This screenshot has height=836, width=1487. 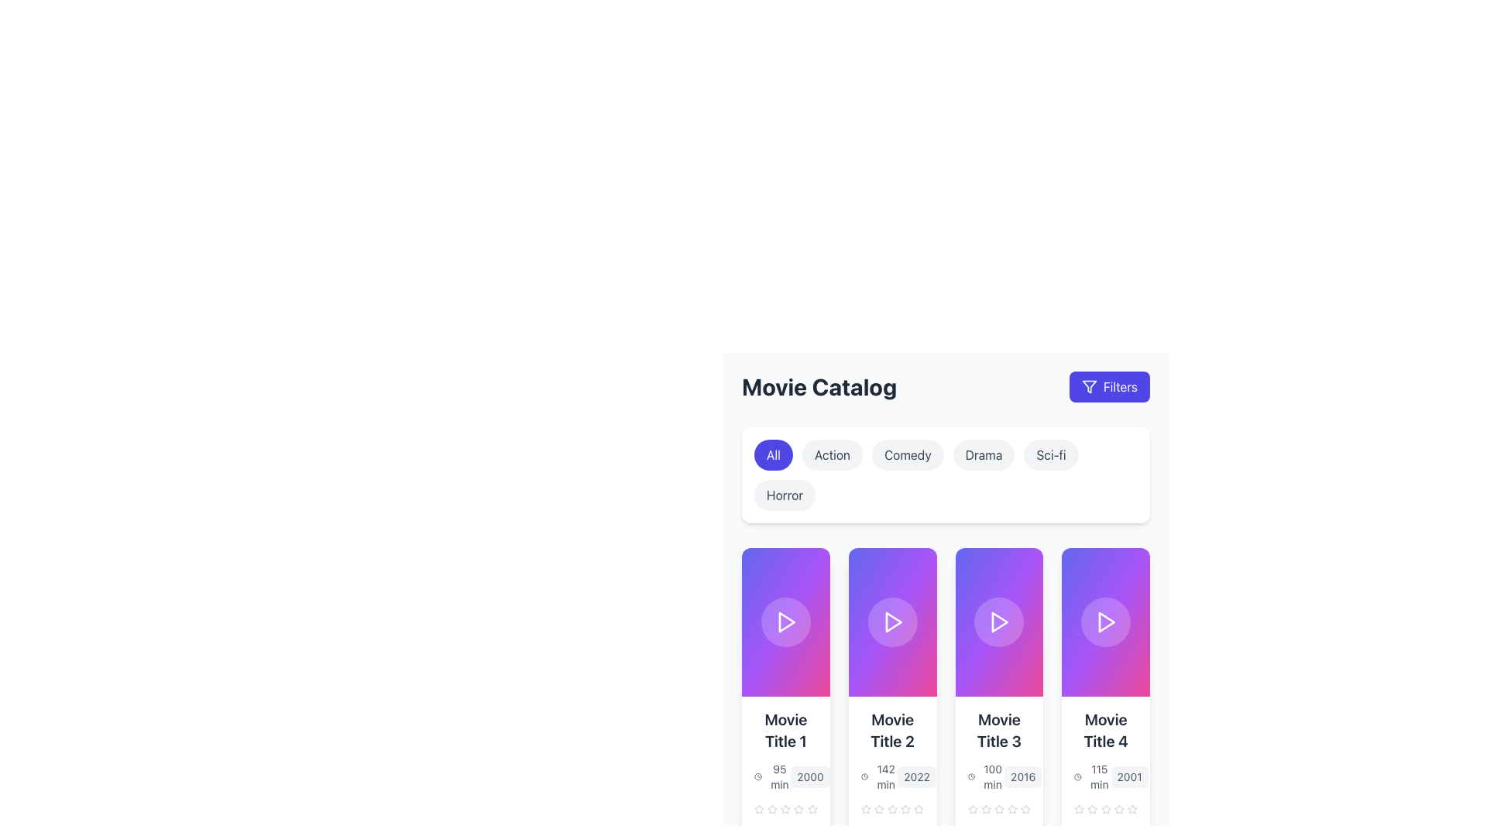 What do you see at coordinates (1078, 808) in the screenshot?
I see `the fifth star icon in the wireframe style for the movie card labeled 'Movie Title 4'` at bounding box center [1078, 808].